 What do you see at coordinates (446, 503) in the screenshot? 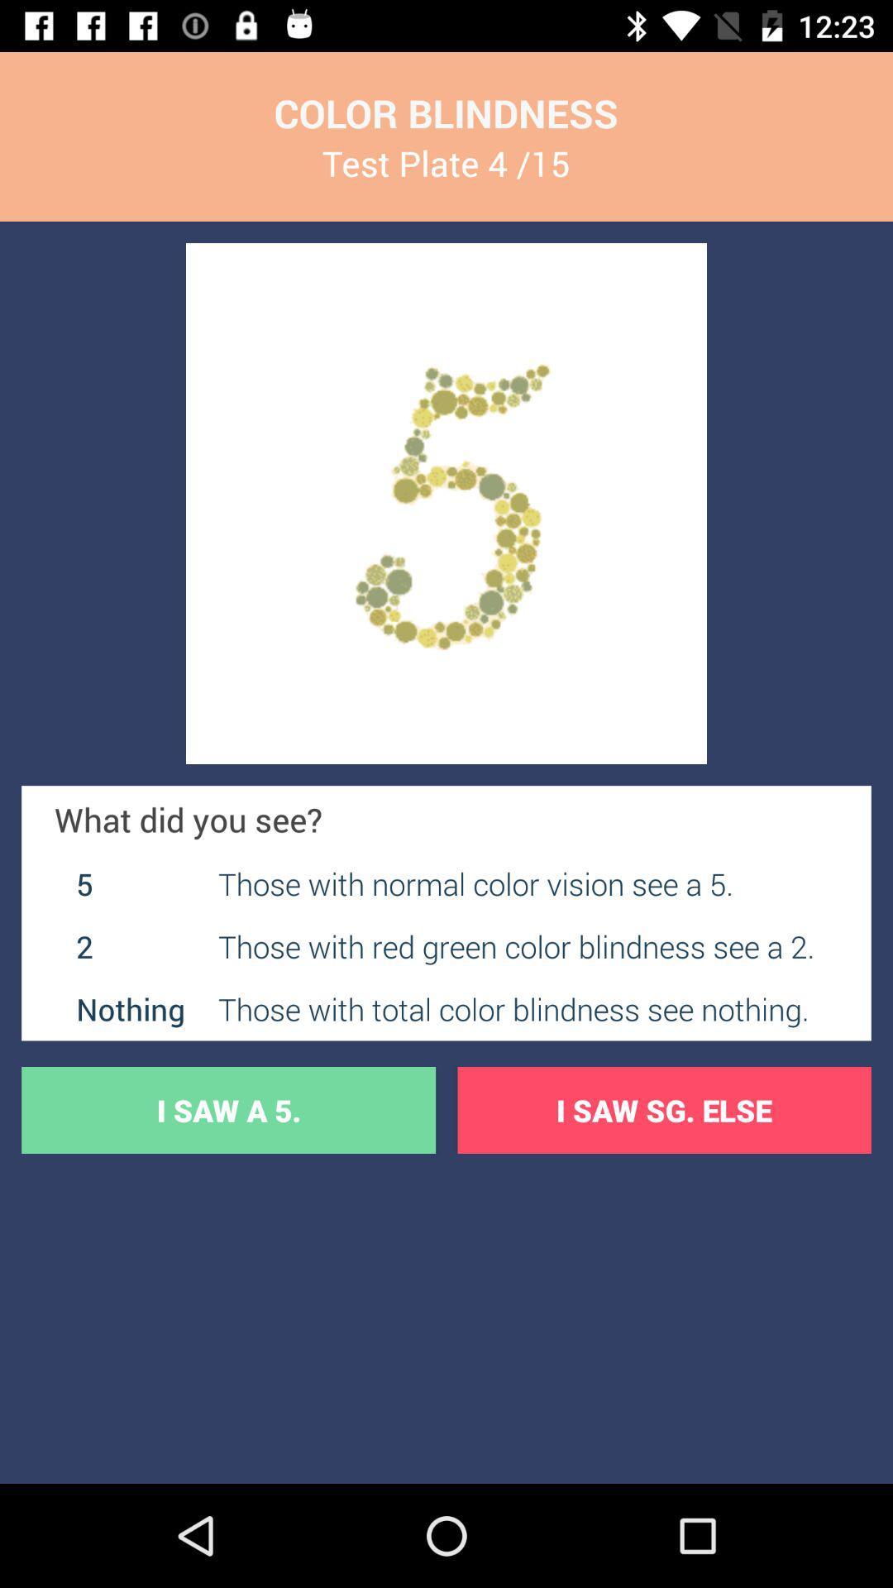
I see `image display` at bounding box center [446, 503].